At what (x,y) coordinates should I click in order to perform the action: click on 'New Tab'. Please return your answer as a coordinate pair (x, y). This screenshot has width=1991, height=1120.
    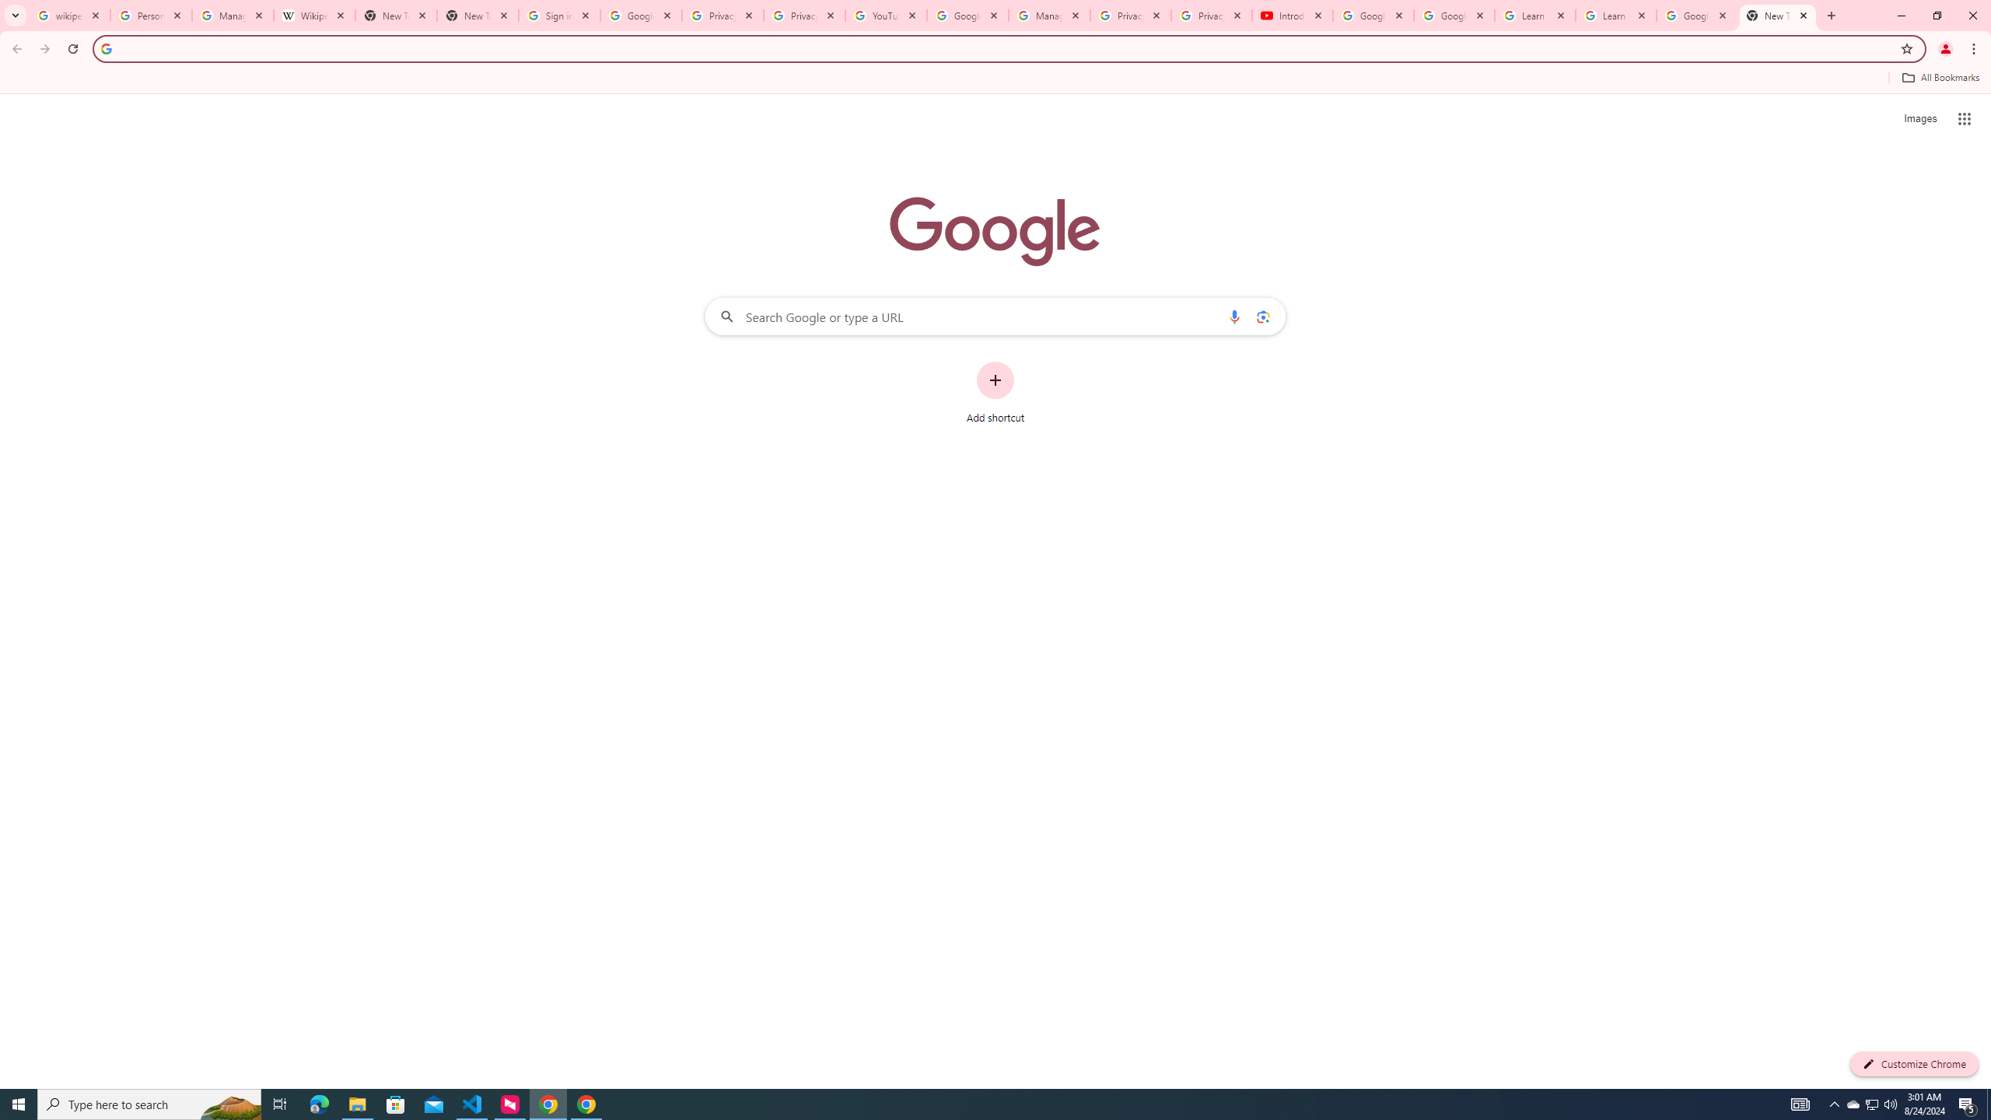
    Looking at the image, I should click on (1778, 15).